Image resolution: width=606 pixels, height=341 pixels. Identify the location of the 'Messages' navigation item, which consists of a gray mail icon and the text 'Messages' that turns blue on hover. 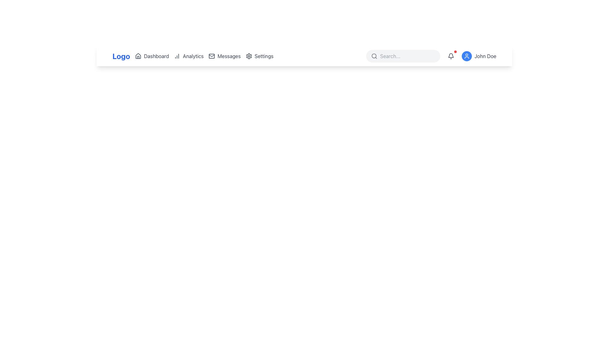
(224, 56).